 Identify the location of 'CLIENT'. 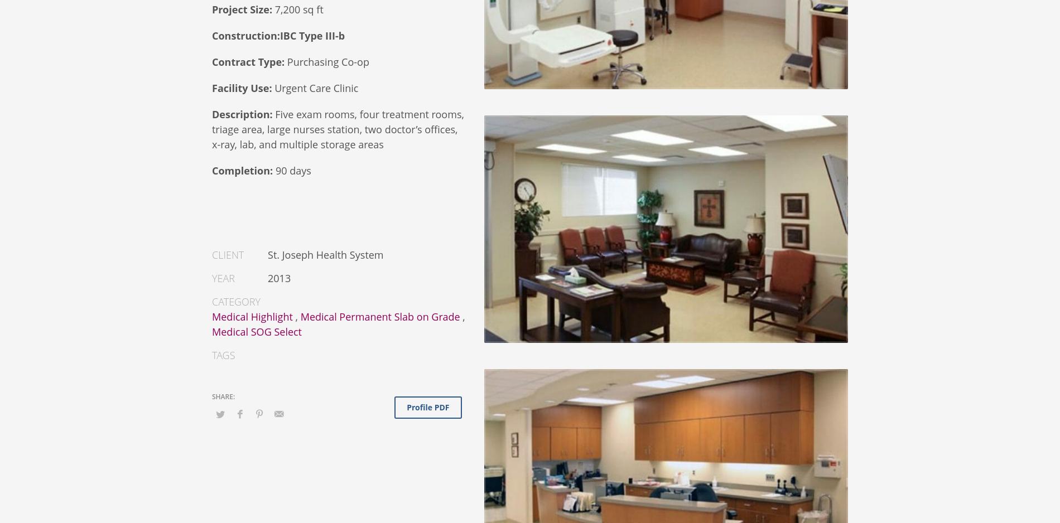
(227, 254).